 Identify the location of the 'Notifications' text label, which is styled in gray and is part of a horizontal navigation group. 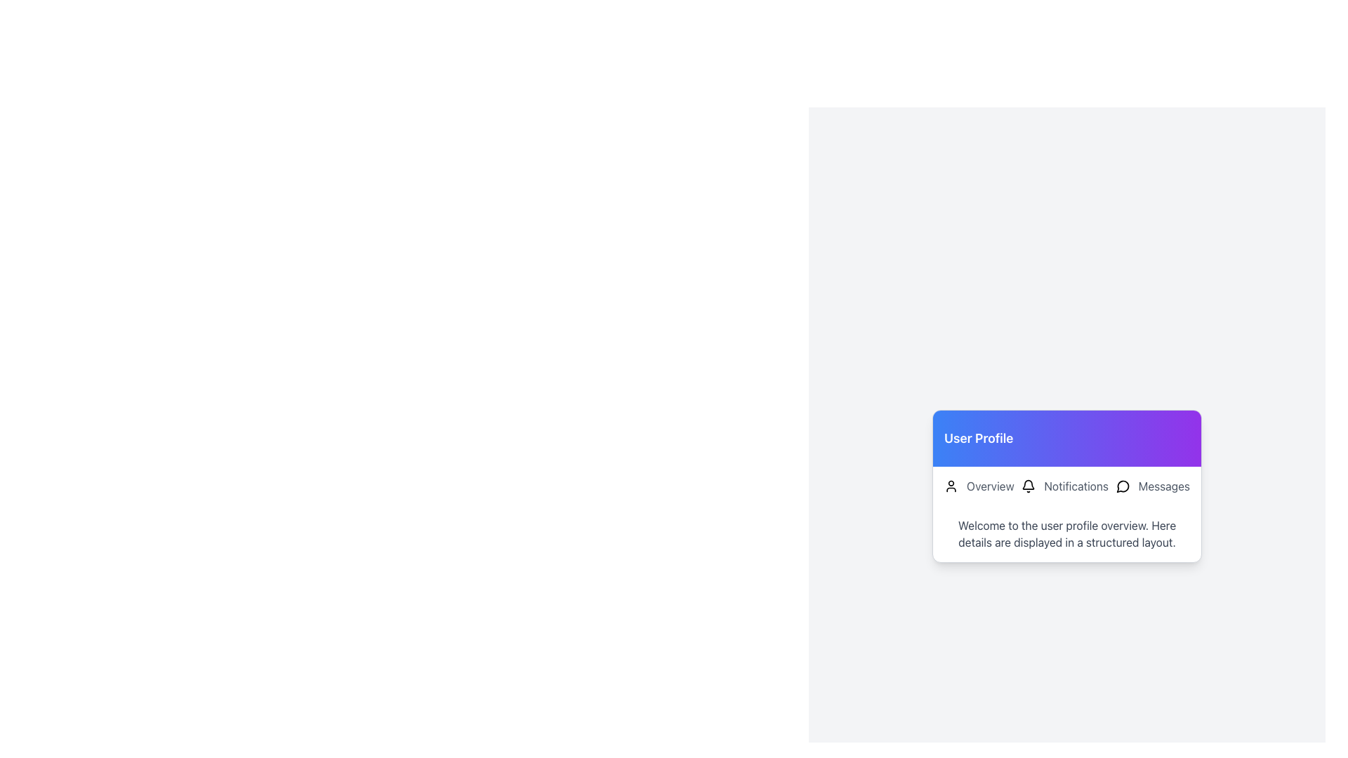
(1076, 486).